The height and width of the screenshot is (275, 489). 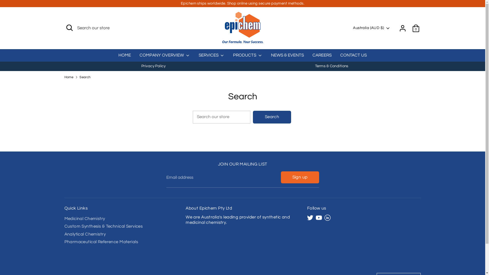 What do you see at coordinates (287, 57) in the screenshot?
I see `'NEWS & EVENTS'` at bounding box center [287, 57].